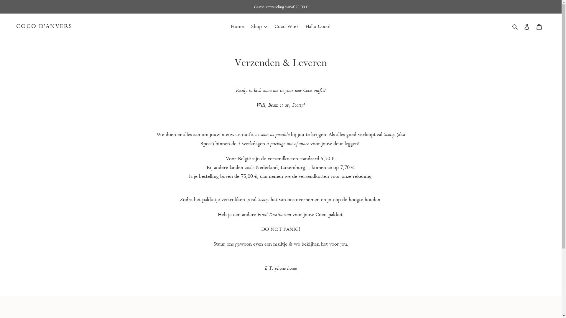 This screenshot has height=318, width=566. What do you see at coordinates (286, 26) in the screenshot?
I see `'Coco Wie?'` at bounding box center [286, 26].